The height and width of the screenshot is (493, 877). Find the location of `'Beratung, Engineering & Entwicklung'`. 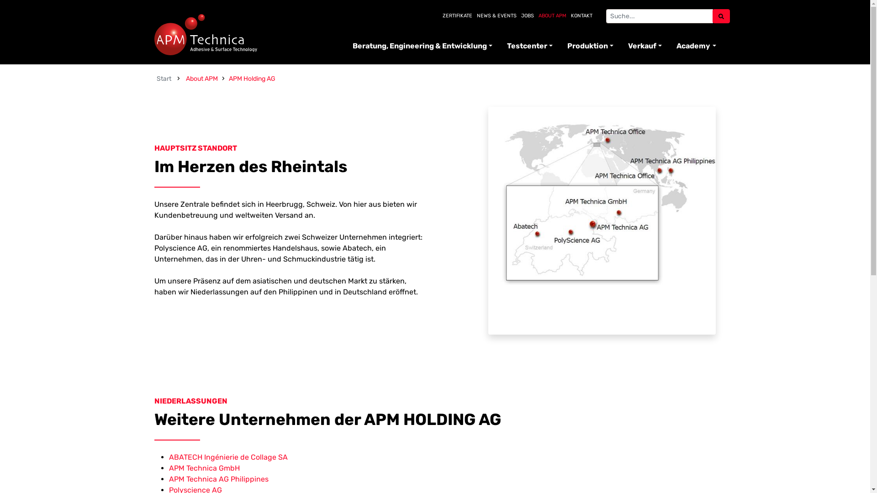

'Beratung, Engineering & Entwicklung' is located at coordinates (422, 46).